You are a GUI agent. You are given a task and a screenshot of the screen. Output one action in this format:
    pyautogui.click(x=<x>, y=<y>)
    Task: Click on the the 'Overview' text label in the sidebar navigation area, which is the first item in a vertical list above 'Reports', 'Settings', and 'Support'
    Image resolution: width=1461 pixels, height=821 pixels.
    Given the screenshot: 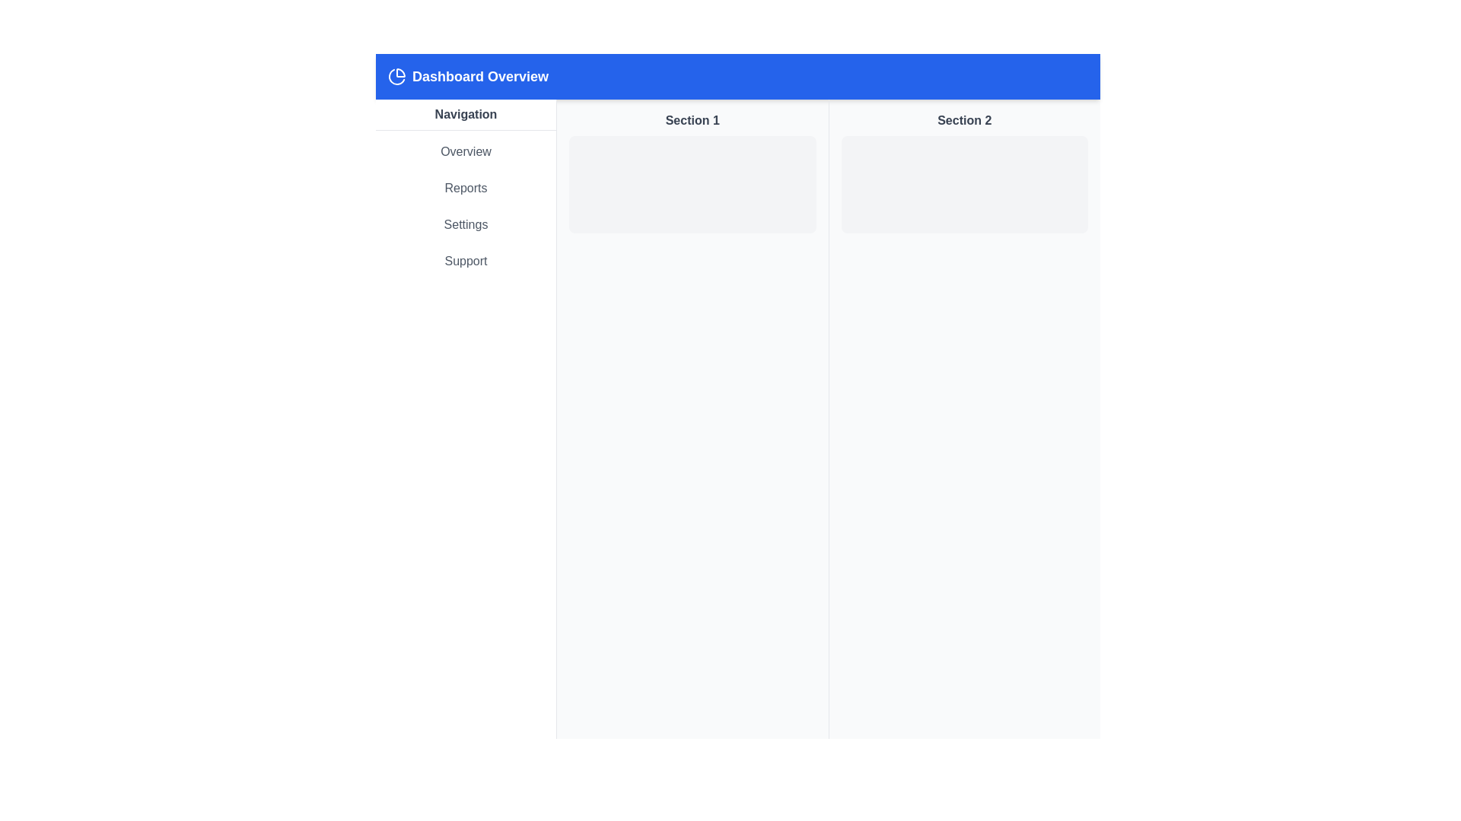 What is the action you would take?
    pyautogui.click(x=465, y=152)
    